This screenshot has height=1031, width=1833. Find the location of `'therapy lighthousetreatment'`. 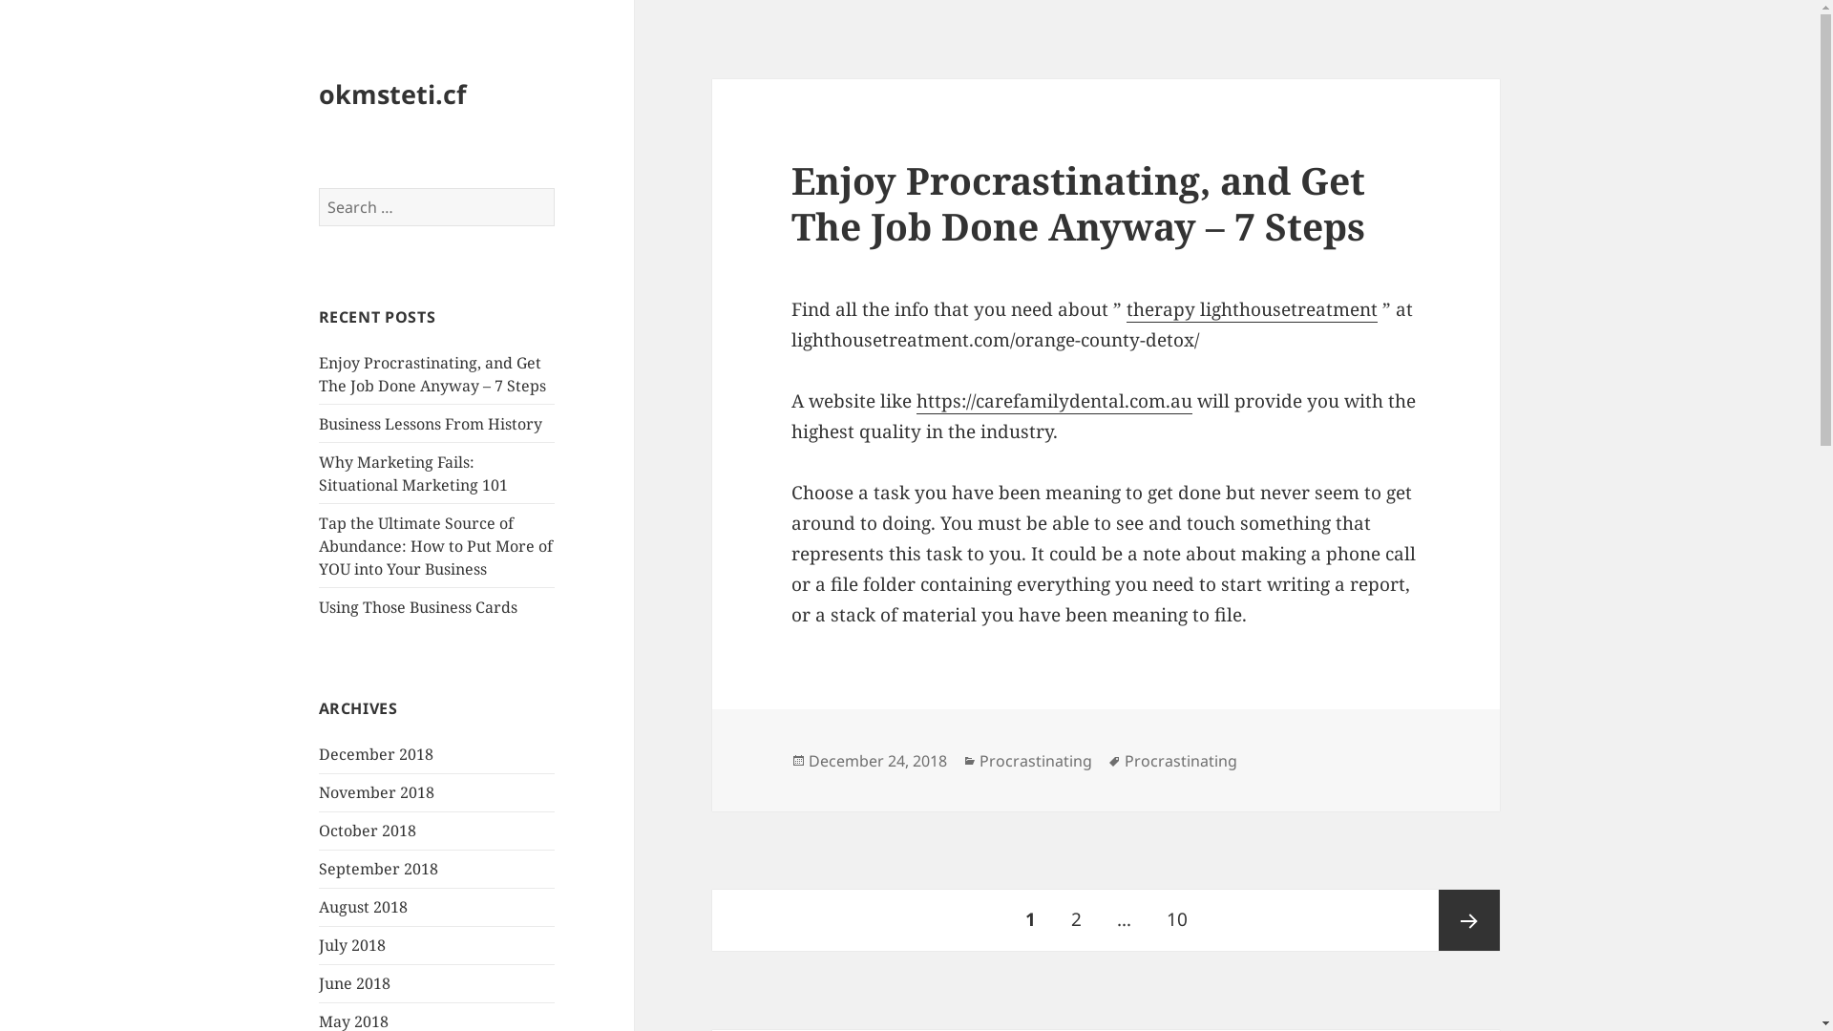

'therapy lighthousetreatment' is located at coordinates (1252, 308).